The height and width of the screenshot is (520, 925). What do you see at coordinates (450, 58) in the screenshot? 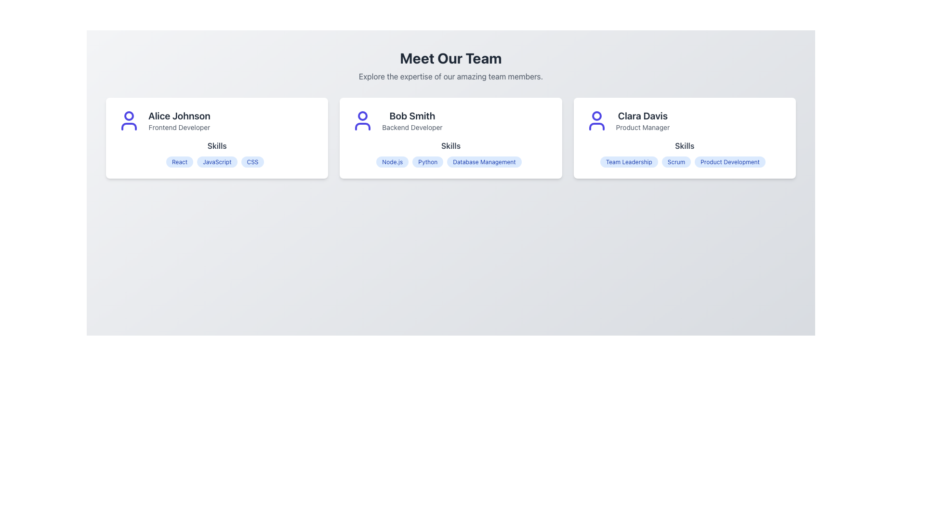
I see `the text heading element that reads 'Meet Our Team', which is prominently displayed in bold and large dark gray font at the top of the interface` at bounding box center [450, 58].